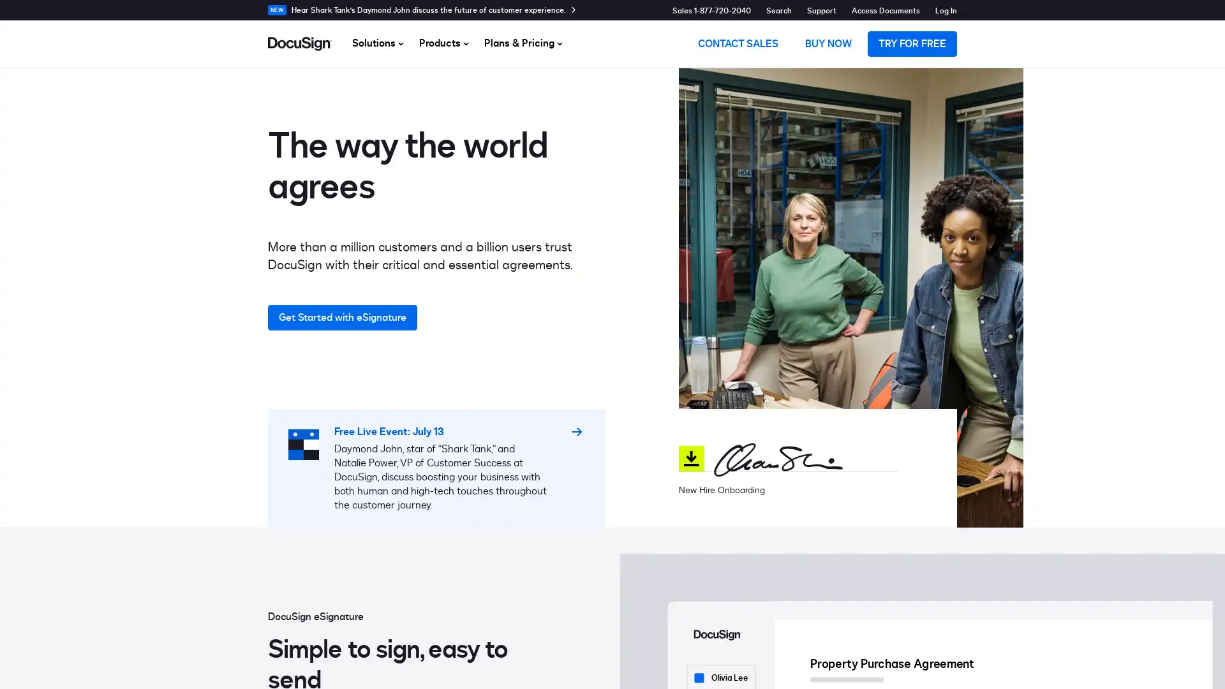 The height and width of the screenshot is (689, 1225). I want to click on Products, so click(444, 43).